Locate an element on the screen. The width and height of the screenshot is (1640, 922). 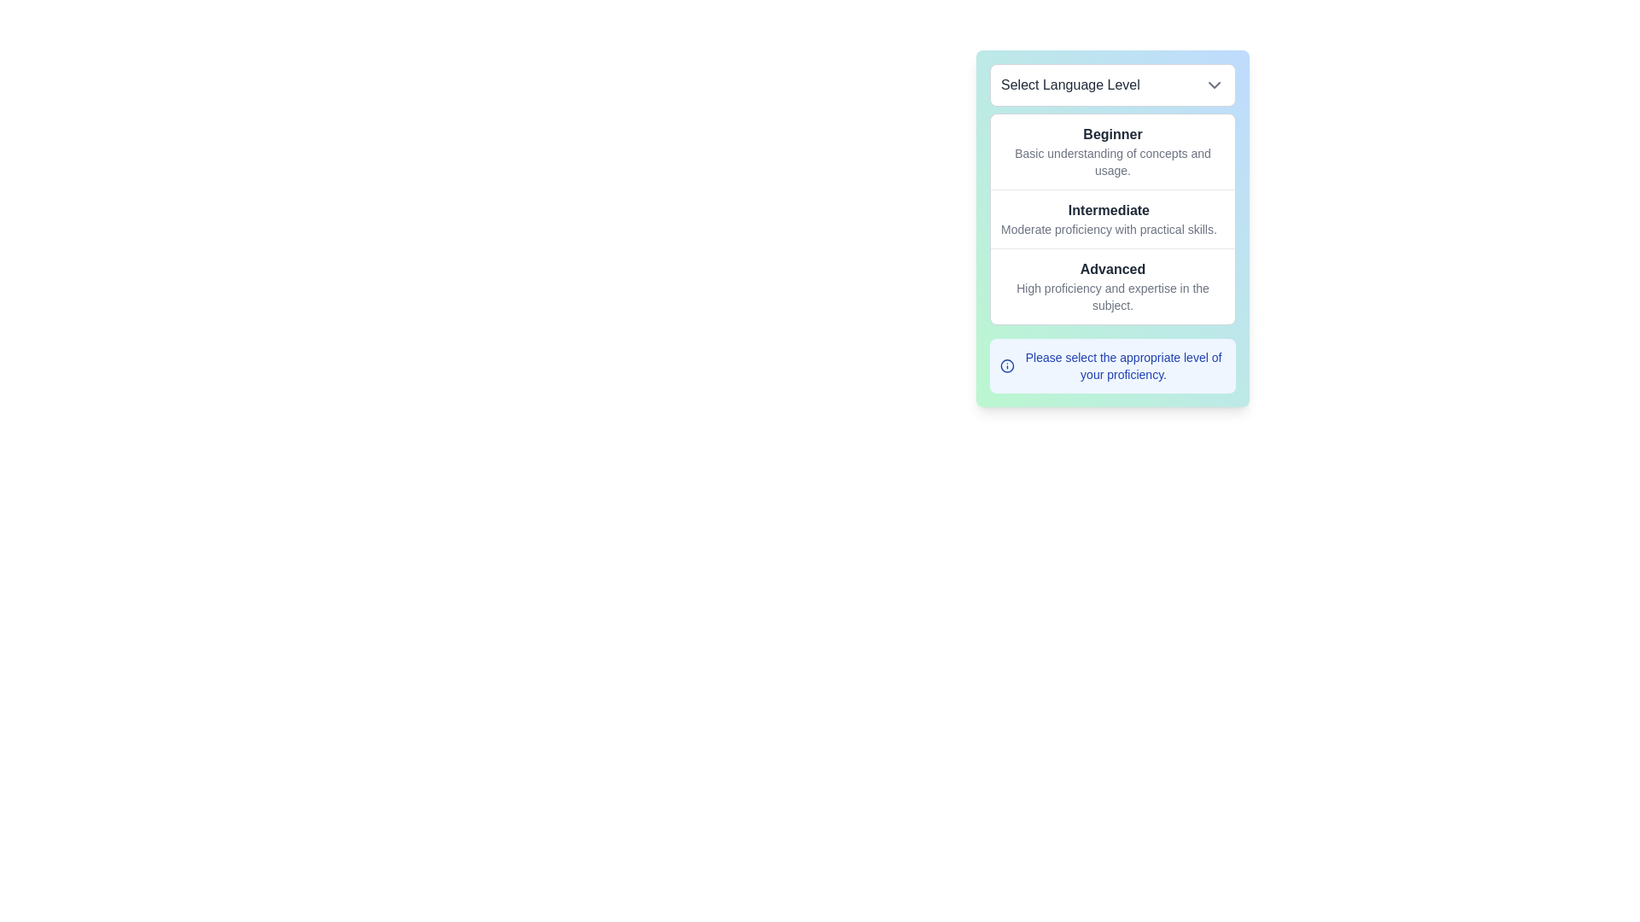
to select the advanced level of language proficiency, which is the third option in the list, located below 'Intermediate' is located at coordinates (1112, 285).